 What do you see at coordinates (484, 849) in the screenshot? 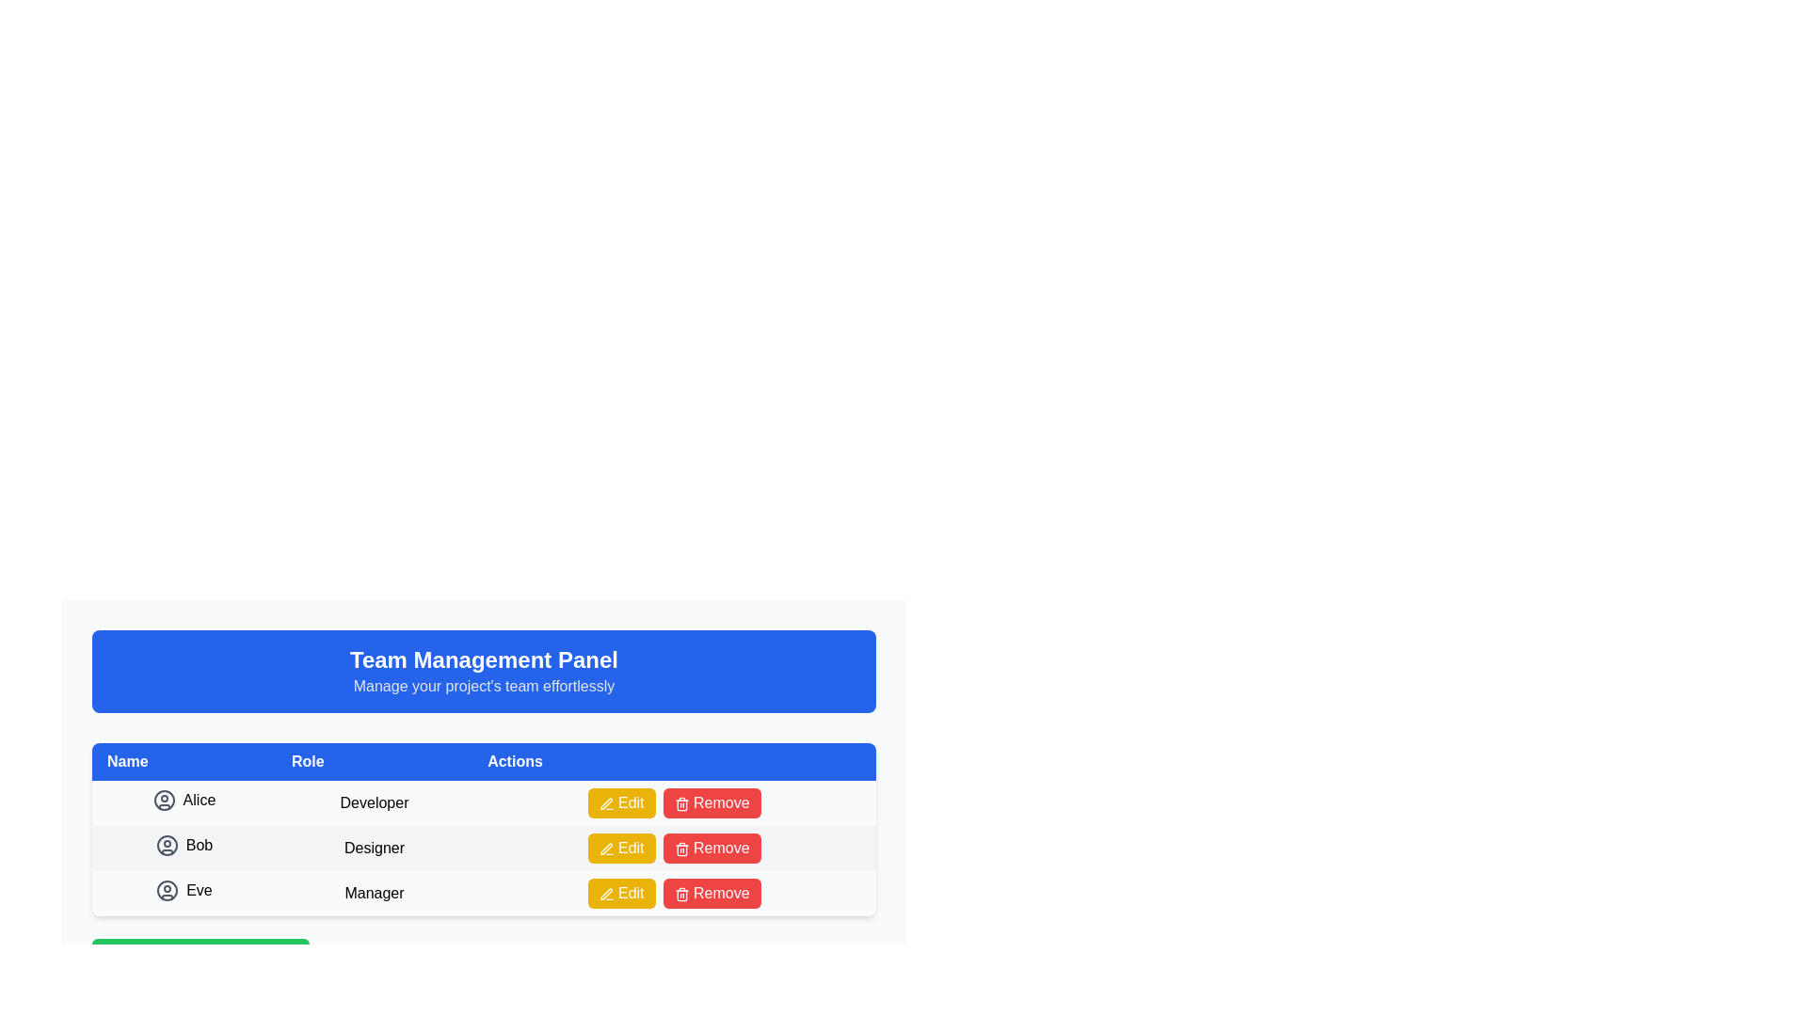
I see `the second row in the table that displays the name 'Bob' and the role 'Designer', which contains 'Edit' and 'Remove' buttons` at bounding box center [484, 849].